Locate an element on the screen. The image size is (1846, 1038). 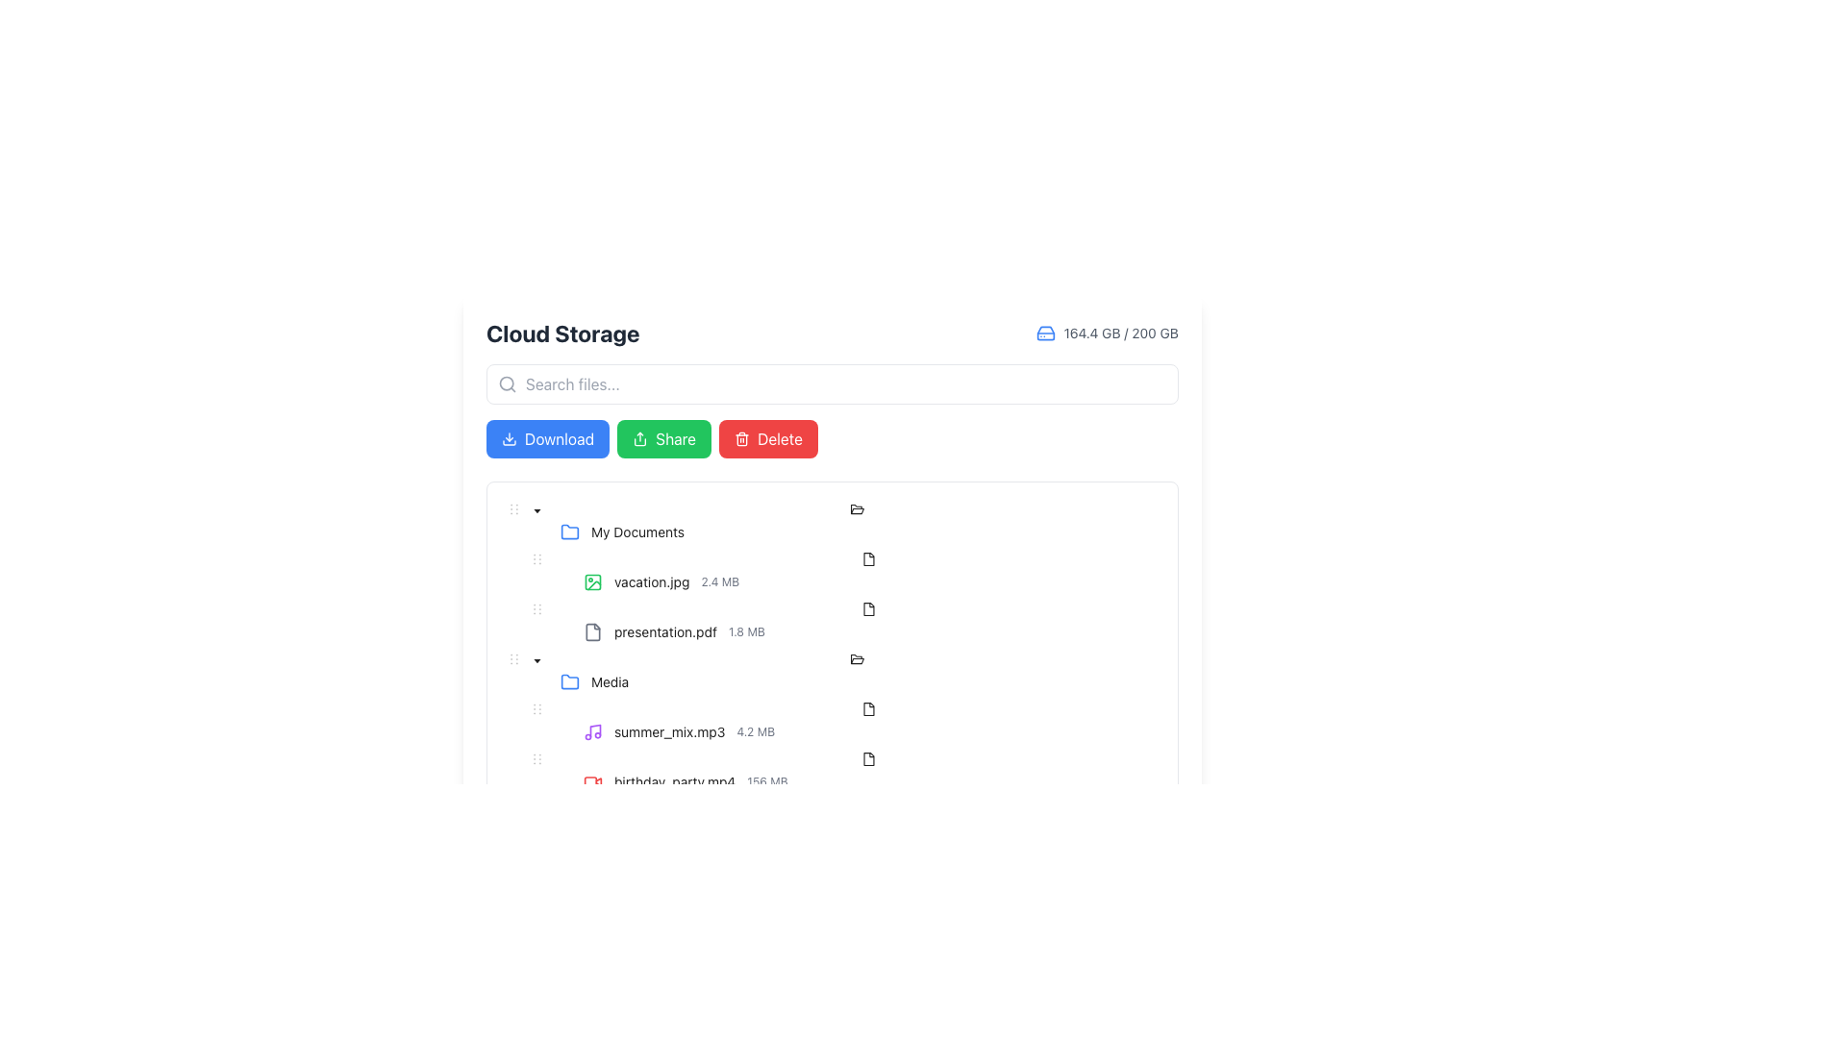
the folder icon located to the right of the text 'Media' in the list view section of the interface is located at coordinates (857, 507).